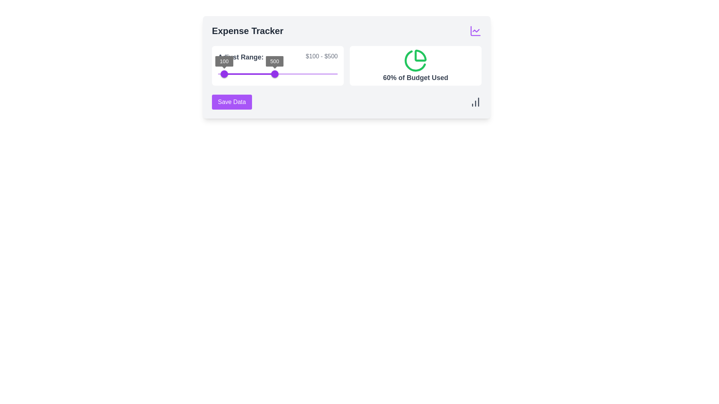 The width and height of the screenshot is (719, 404). I want to click on the target slider's value, so click(216, 75).